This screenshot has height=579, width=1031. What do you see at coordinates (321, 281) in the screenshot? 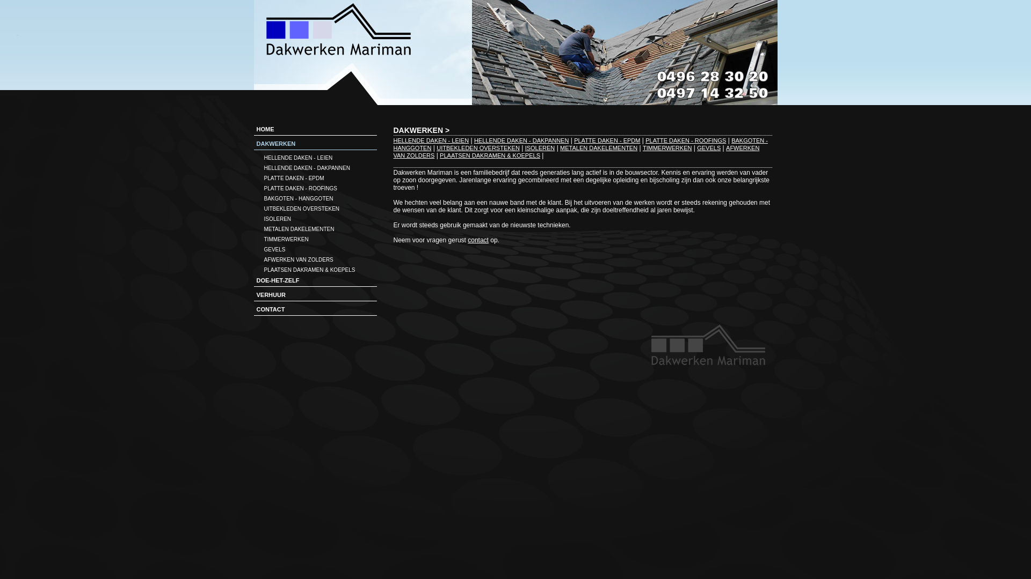
I see `'DOE-HET-ZELF'` at bounding box center [321, 281].